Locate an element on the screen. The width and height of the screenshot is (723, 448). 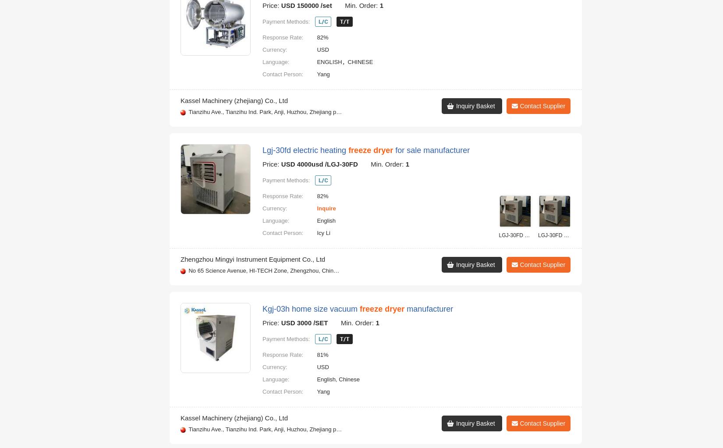
'Fdg series food vacuum' is located at coordinates (305, 43).